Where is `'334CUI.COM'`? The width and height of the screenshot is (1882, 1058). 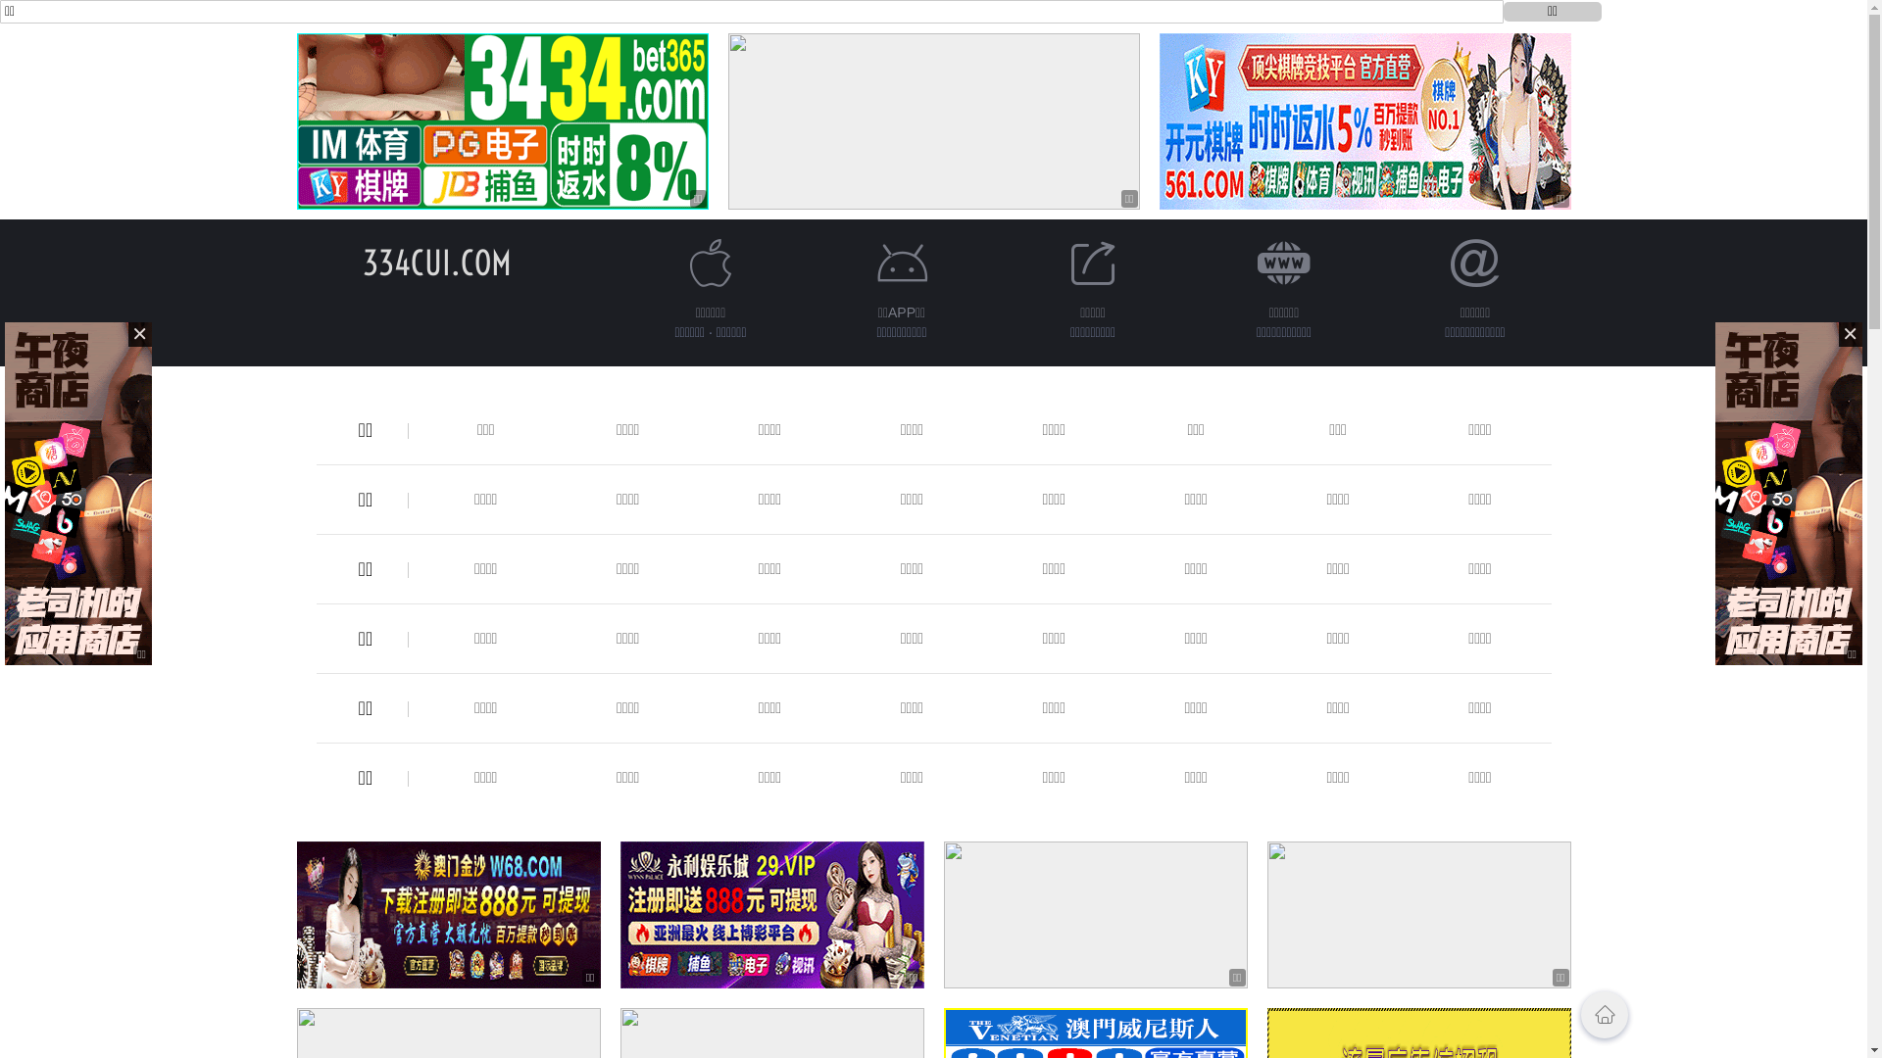
'334CUI.COM' is located at coordinates (362, 262).